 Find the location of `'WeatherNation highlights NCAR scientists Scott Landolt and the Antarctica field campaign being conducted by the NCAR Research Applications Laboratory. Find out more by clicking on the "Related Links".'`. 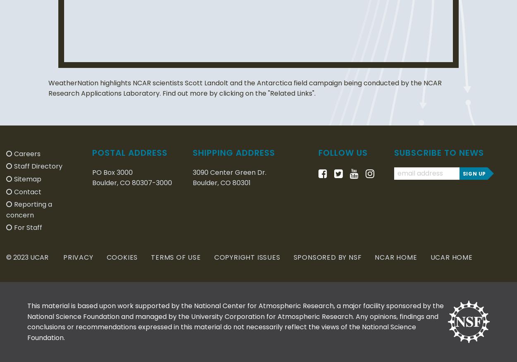

'WeatherNation highlights NCAR scientists Scott Landolt and the Antarctica field campaign being conducted by the NCAR Research Applications Laboratory. Find out more by clicking on the "Related Links".' is located at coordinates (244, 87).